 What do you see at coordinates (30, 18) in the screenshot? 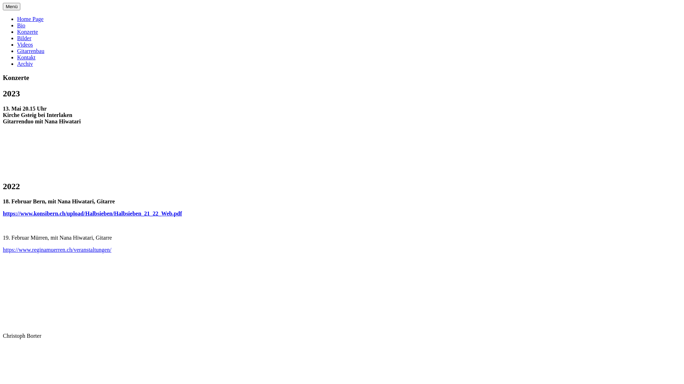
I see `'Home Page'` at bounding box center [30, 18].